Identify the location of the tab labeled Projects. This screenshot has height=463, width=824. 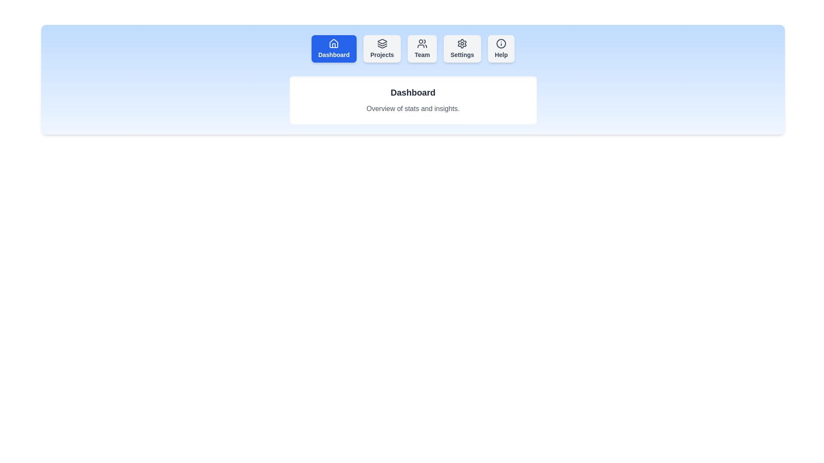
(382, 49).